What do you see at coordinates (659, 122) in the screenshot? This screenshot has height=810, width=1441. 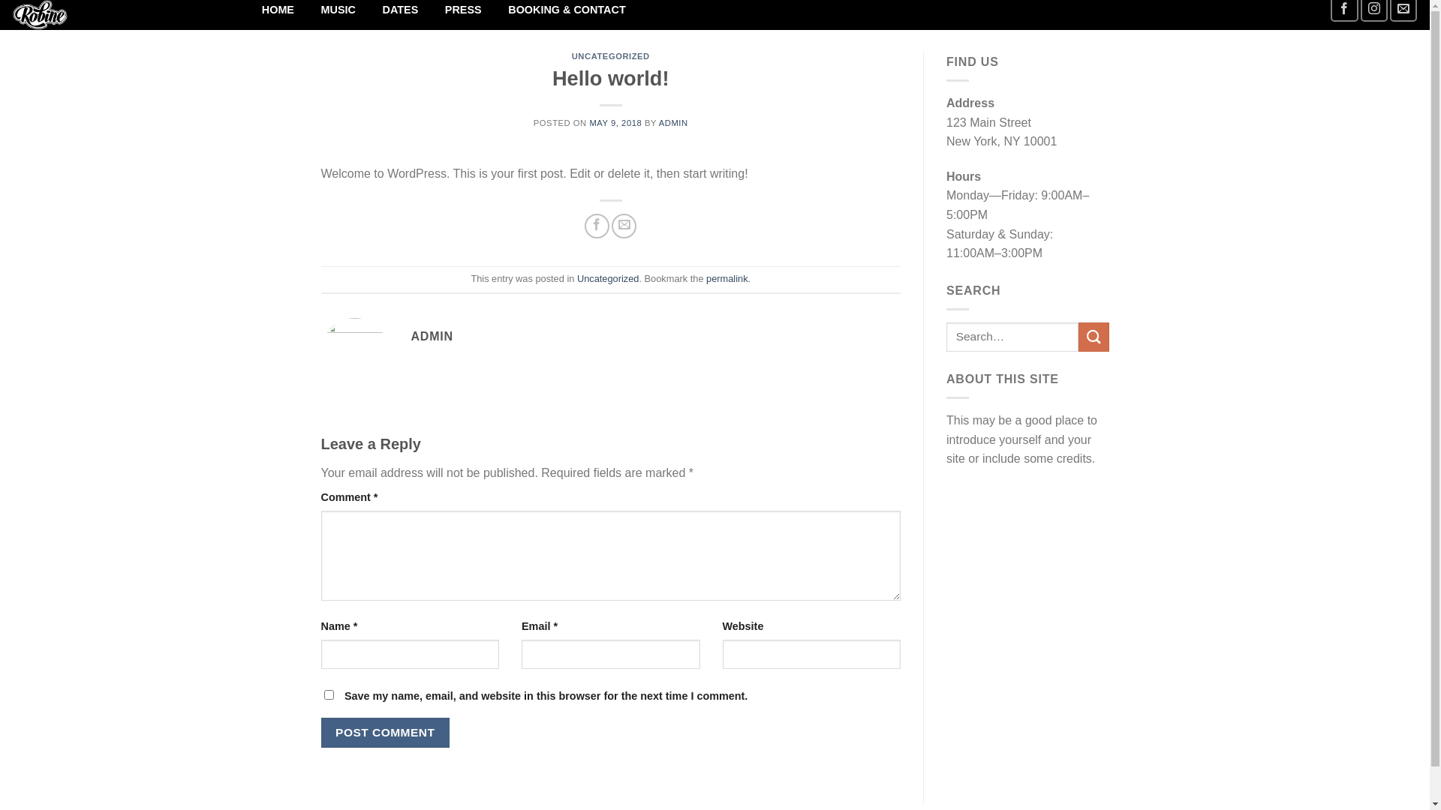 I see `'ADMIN'` at bounding box center [659, 122].